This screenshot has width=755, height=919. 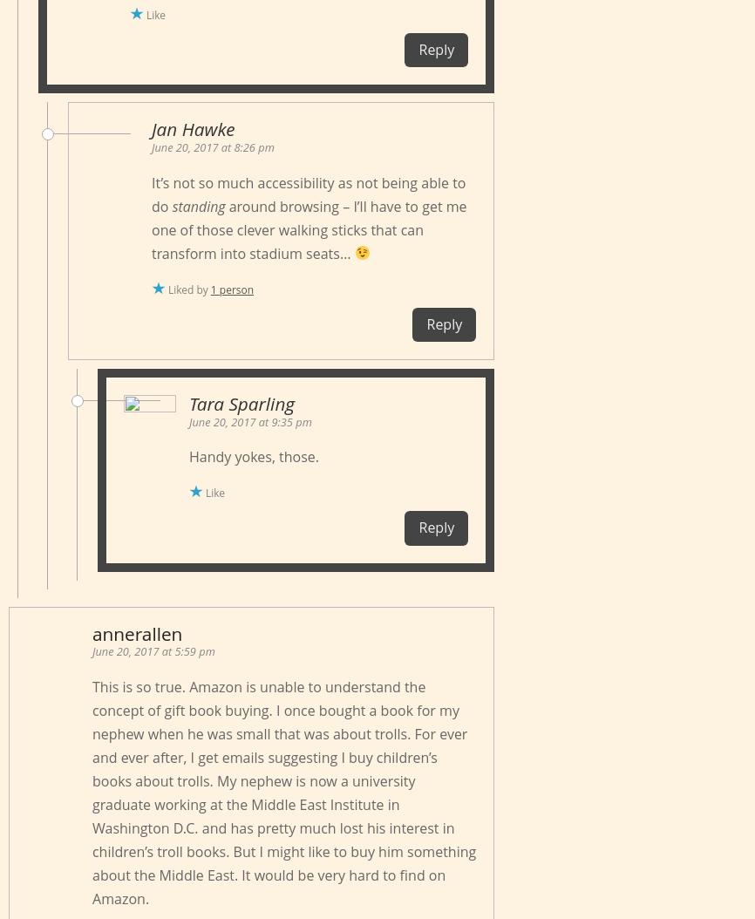 What do you see at coordinates (188, 289) in the screenshot?
I see `'Liked by'` at bounding box center [188, 289].